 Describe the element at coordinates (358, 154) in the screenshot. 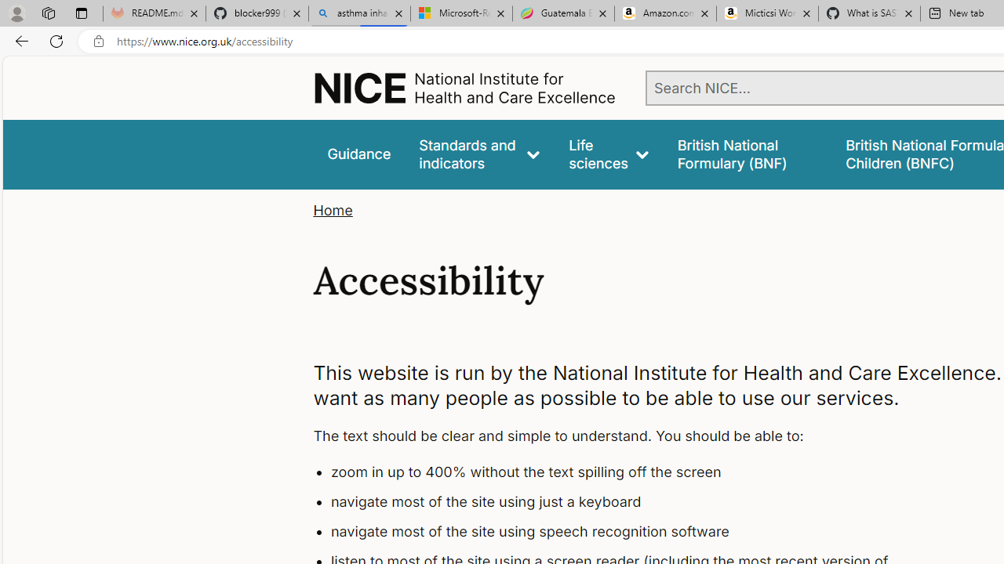

I see `'Guidance'` at that location.